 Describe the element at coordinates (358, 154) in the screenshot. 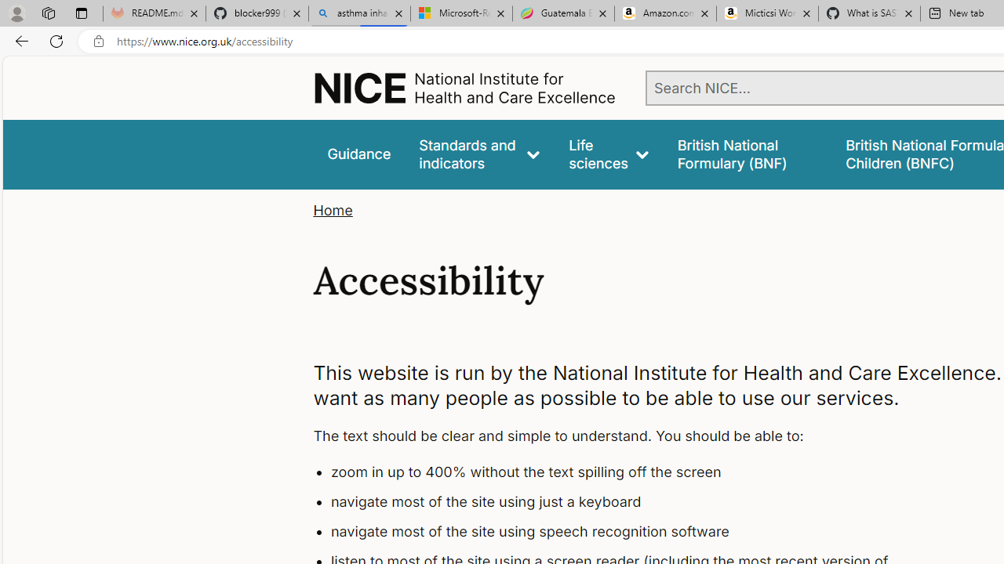

I see `'Guidance'` at that location.